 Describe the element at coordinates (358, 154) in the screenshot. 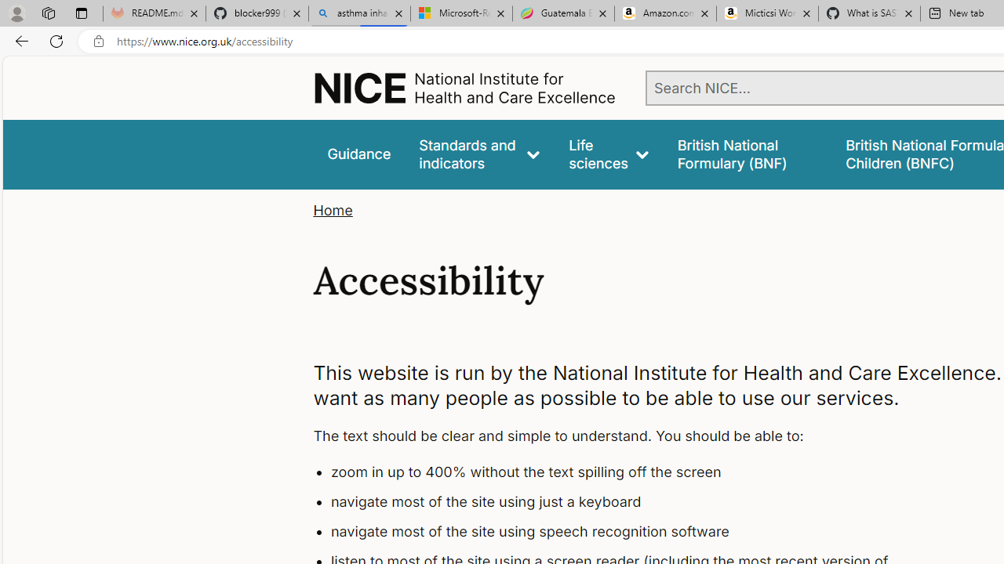

I see `'Guidance'` at that location.